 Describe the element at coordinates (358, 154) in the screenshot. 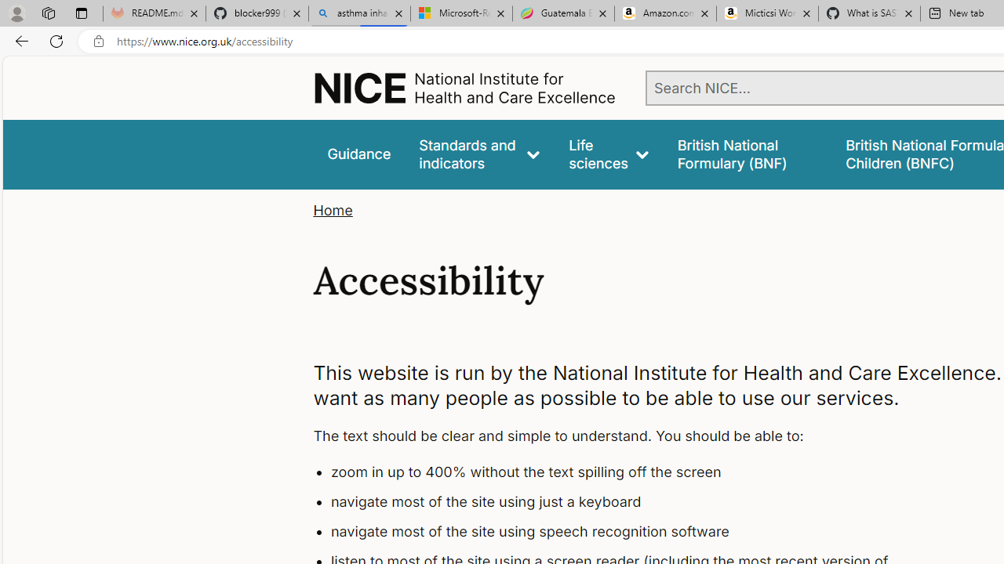

I see `'Guidance'` at that location.